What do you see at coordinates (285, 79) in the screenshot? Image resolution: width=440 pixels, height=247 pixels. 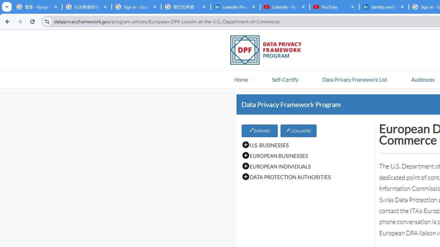 I see `'Self-Certify'` at bounding box center [285, 79].